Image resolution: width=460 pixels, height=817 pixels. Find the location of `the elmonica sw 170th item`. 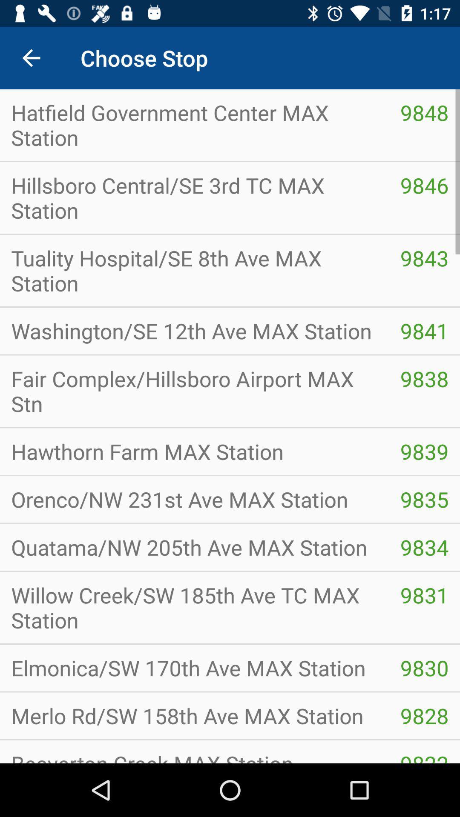

the elmonica sw 170th item is located at coordinates (194, 667).